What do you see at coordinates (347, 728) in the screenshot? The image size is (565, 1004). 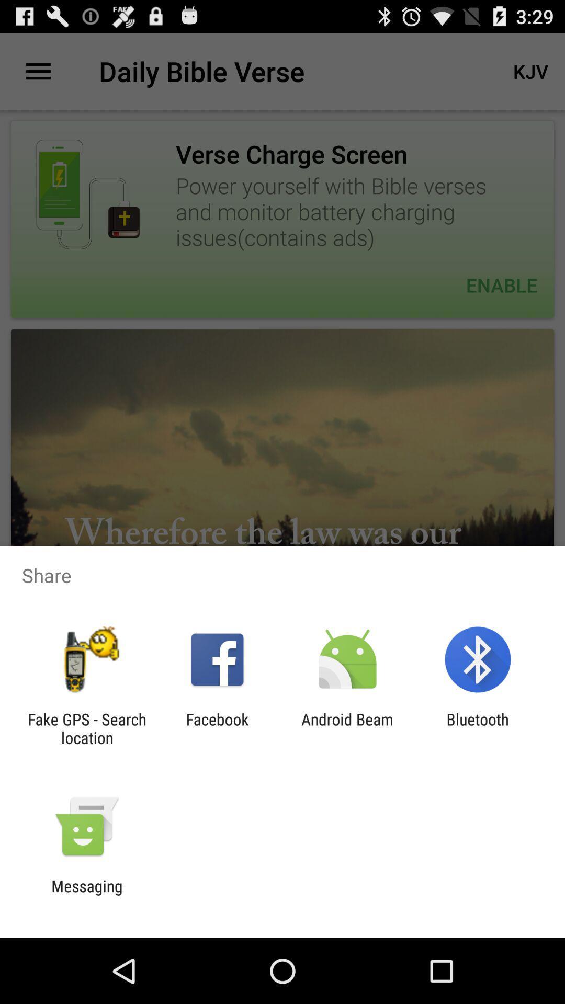 I see `the android beam icon` at bounding box center [347, 728].